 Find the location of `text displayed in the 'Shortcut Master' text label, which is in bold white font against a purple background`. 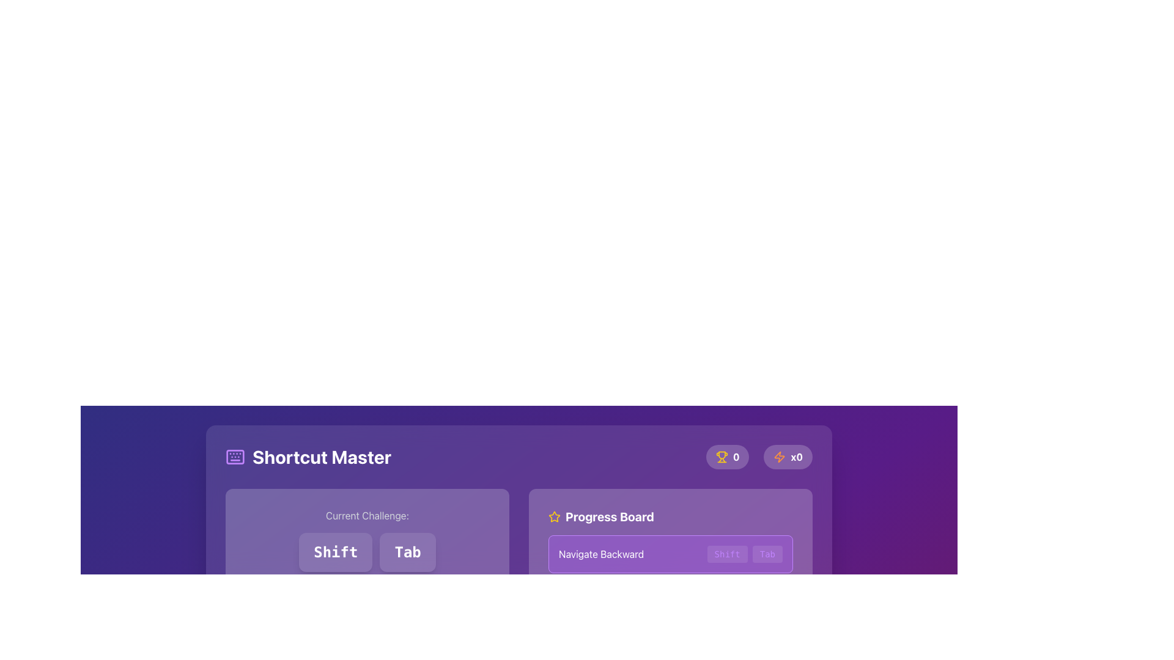

text displayed in the 'Shortcut Master' text label, which is in bold white font against a purple background is located at coordinates (322, 457).